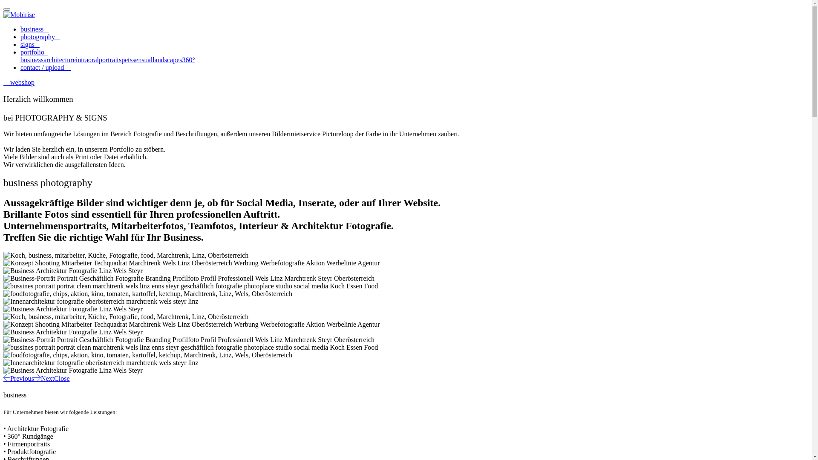 This screenshot has height=460, width=818. I want to click on 'intraoral', so click(87, 59).